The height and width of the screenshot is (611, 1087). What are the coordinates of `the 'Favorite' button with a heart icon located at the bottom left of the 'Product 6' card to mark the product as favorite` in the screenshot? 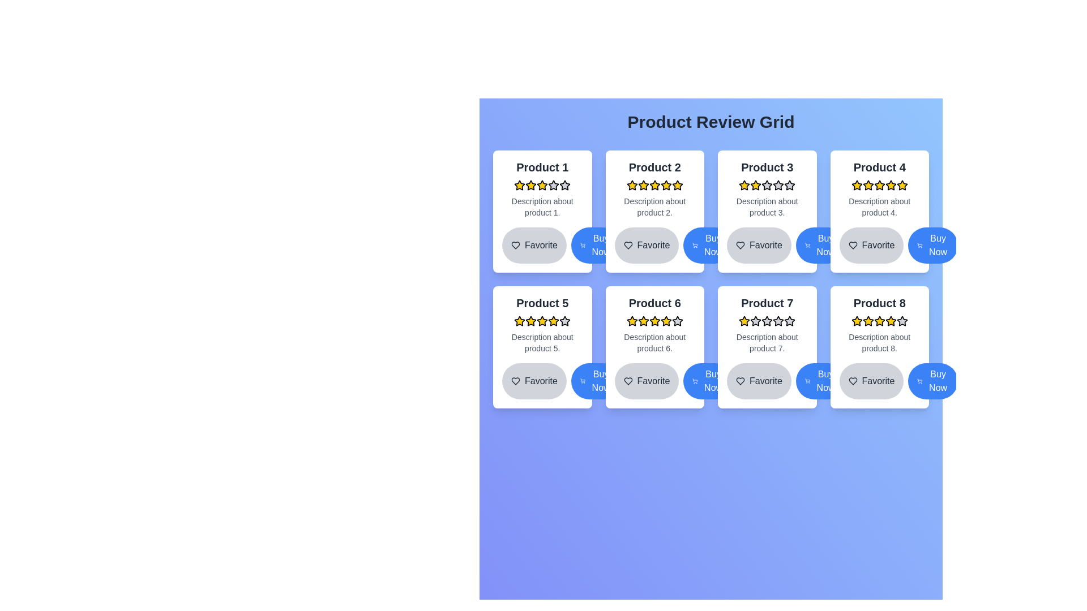 It's located at (654, 381).